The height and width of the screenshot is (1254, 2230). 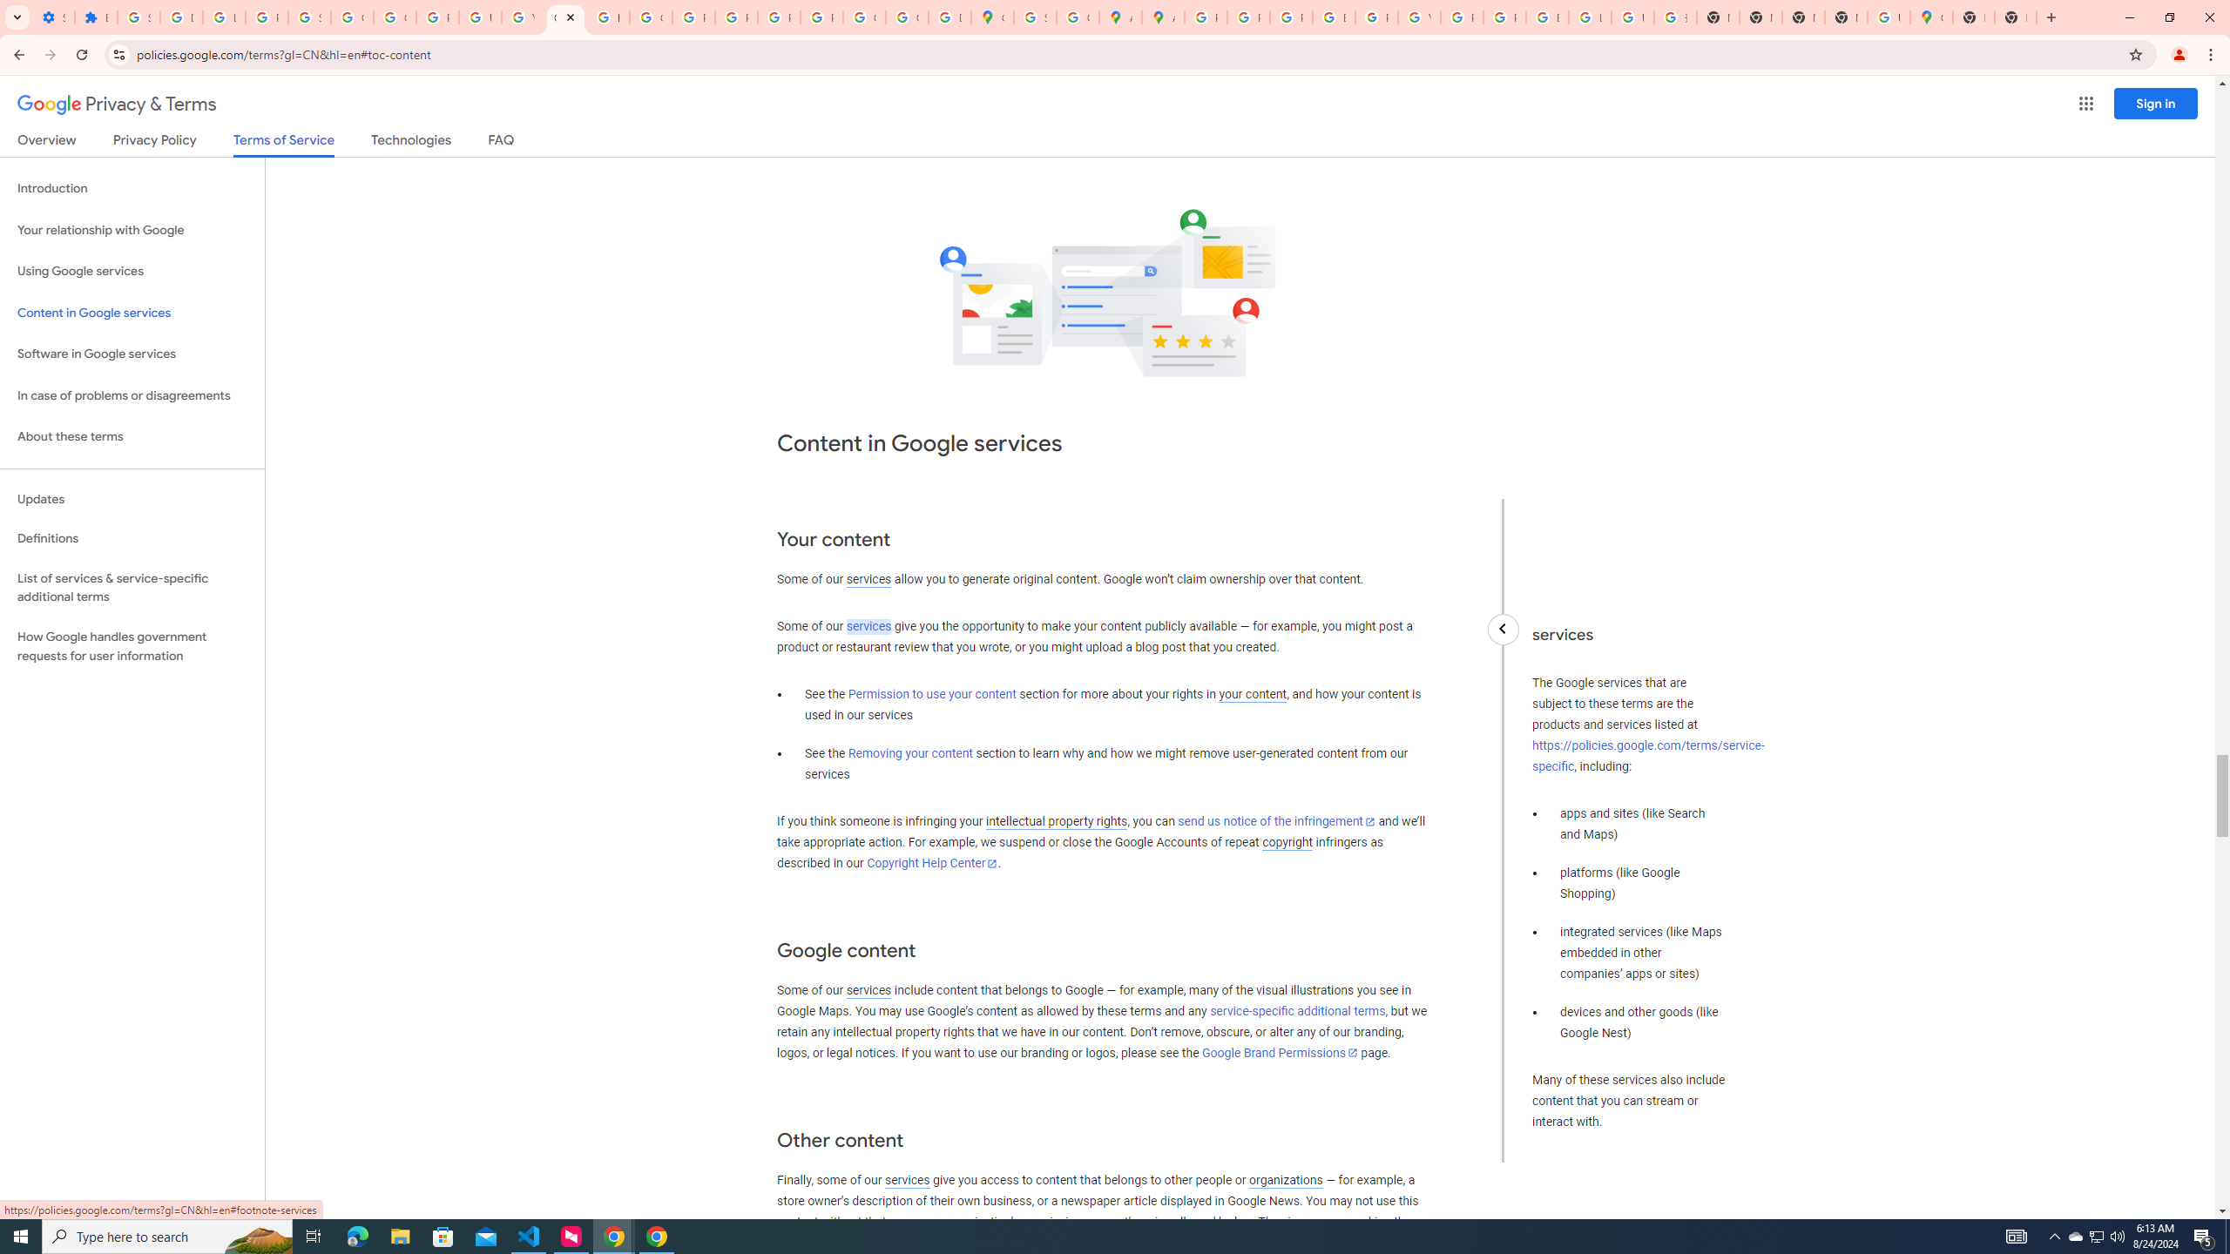 What do you see at coordinates (1290, 17) in the screenshot?
I see `'Privacy Help Center - Policies Help'` at bounding box center [1290, 17].